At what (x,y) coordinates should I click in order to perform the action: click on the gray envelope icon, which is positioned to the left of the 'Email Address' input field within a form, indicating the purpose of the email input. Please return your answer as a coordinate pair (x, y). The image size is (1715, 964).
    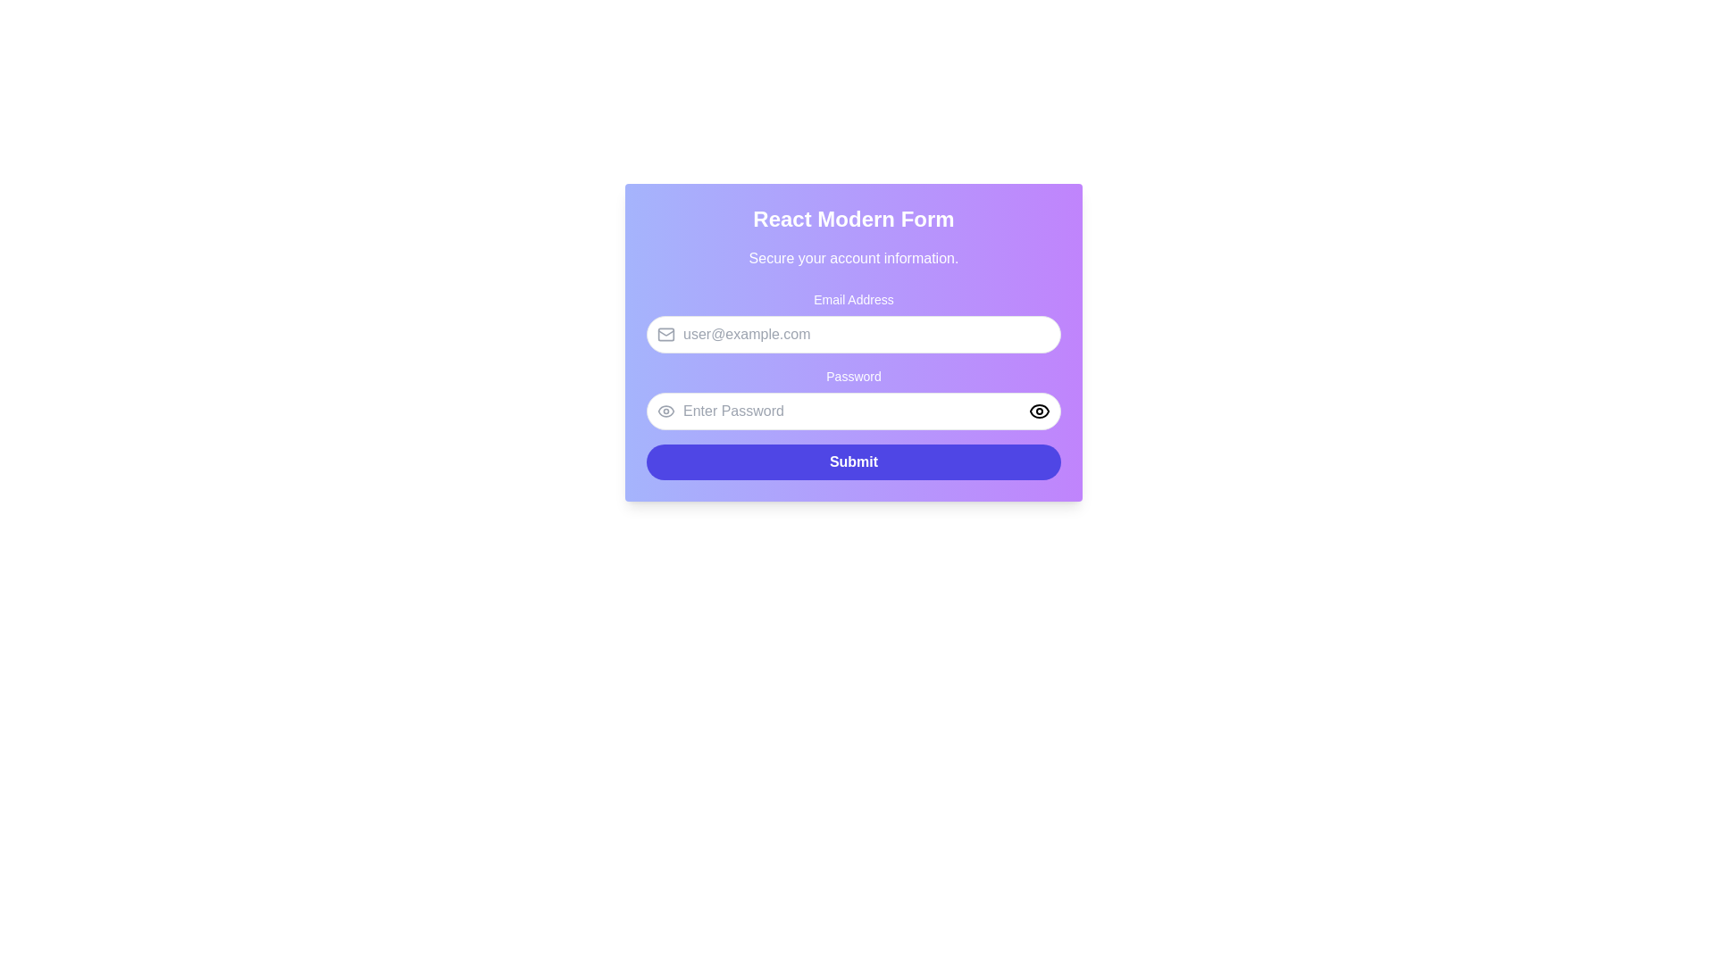
    Looking at the image, I should click on (665, 334).